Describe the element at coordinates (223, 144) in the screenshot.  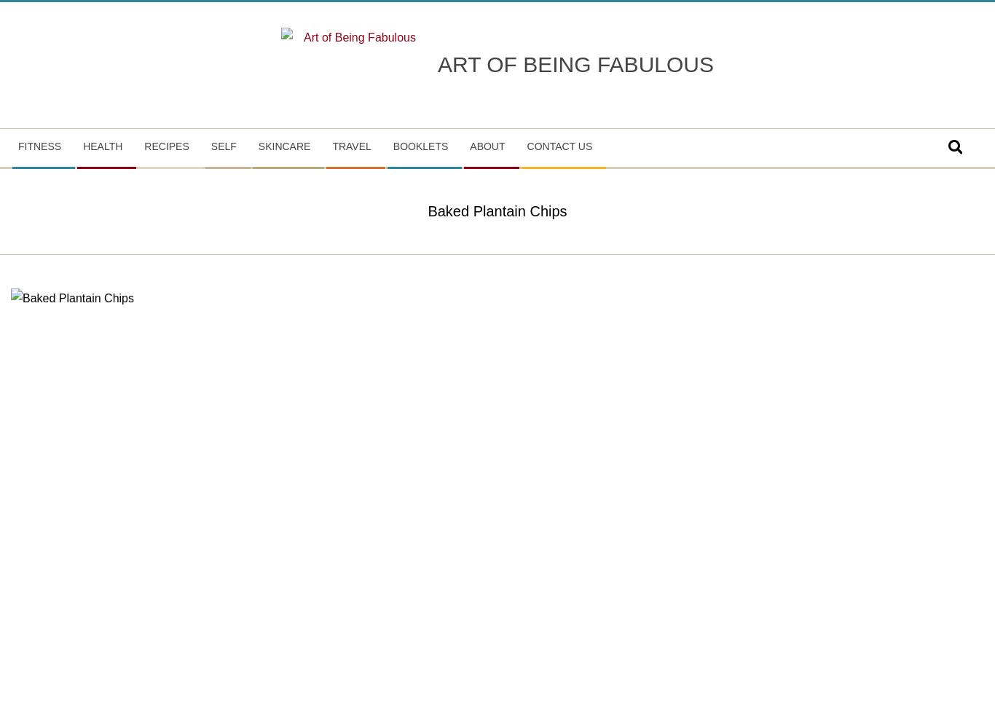
I see `'Self'` at that location.